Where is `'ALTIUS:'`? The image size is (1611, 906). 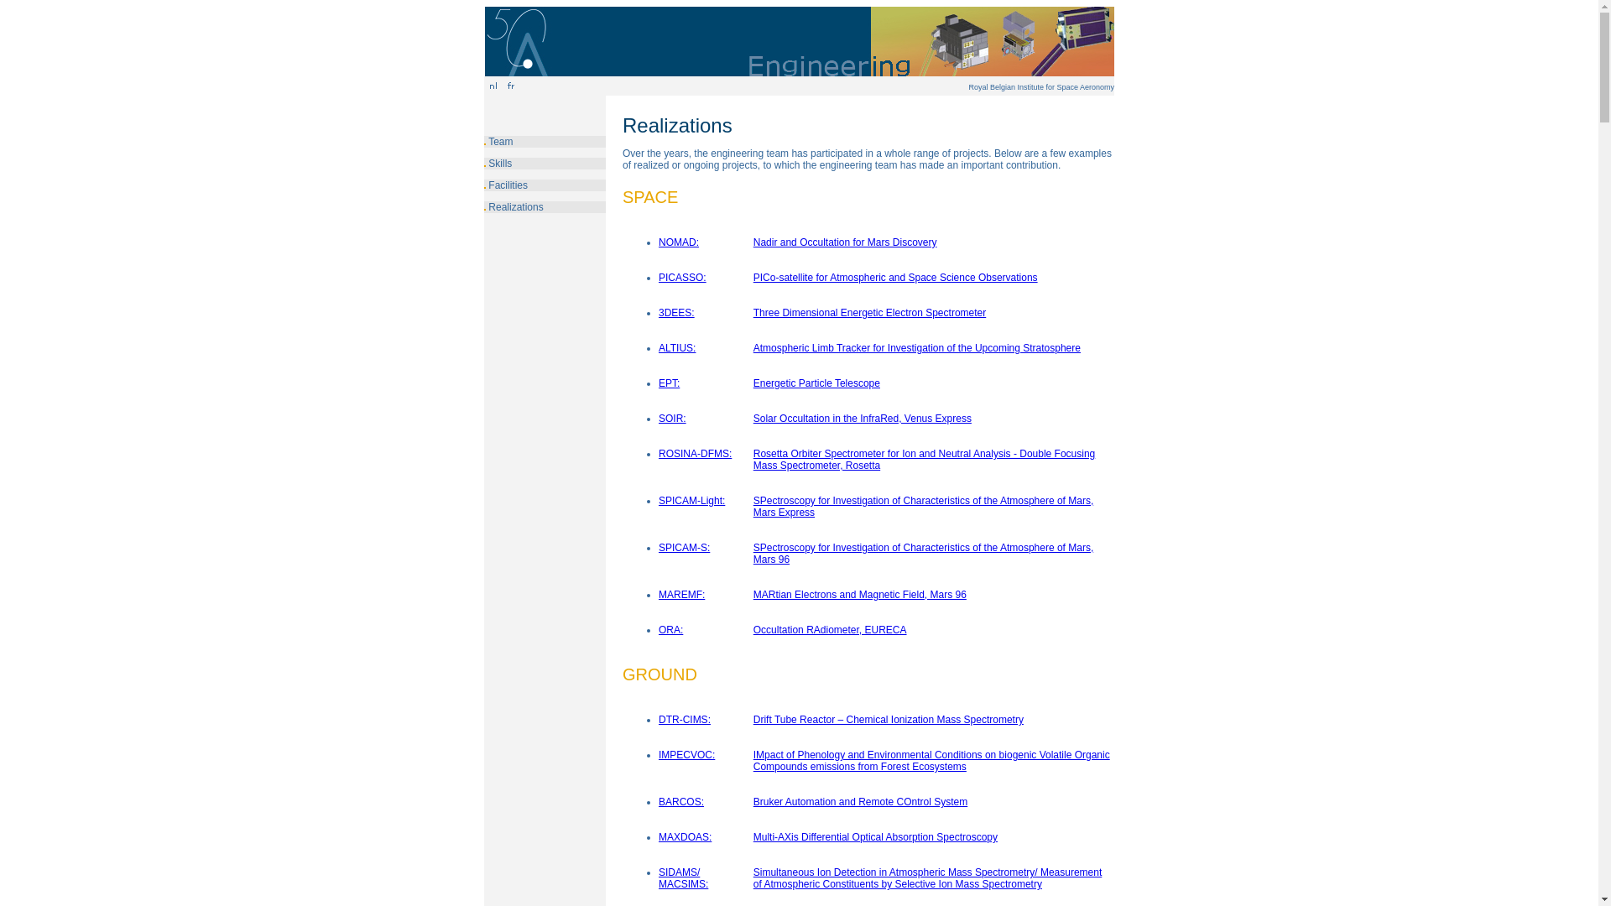
'ALTIUS:' is located at coordinates (658, 347).